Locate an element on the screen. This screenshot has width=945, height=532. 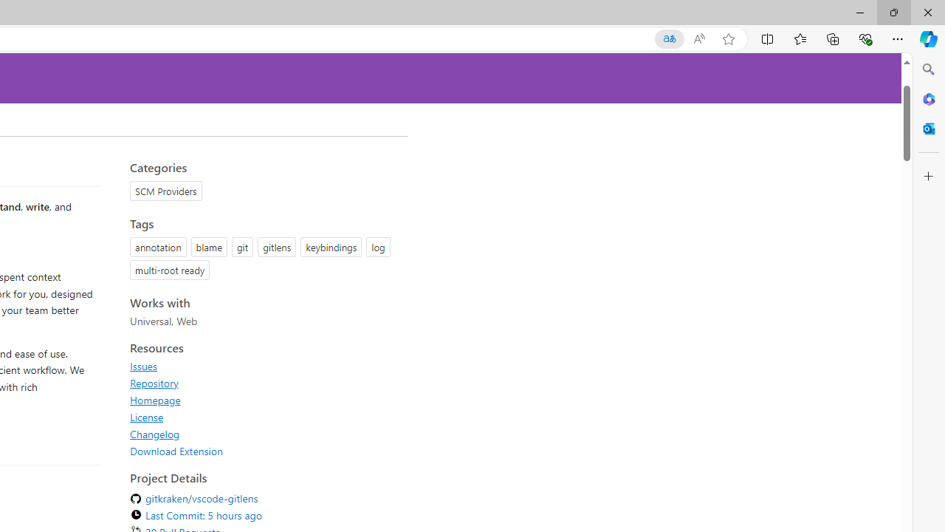
'Homepage' is located at coordinates (155, 400).